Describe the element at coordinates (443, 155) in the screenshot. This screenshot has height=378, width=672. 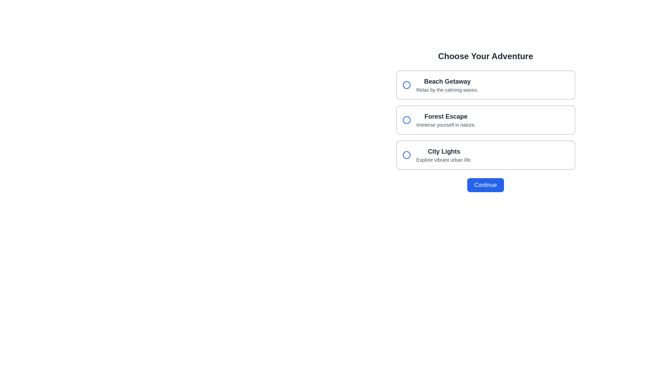
I see `the center of the 'City Lights' label in the third option of the 'Choose Your Adventure' selection group` at that location.